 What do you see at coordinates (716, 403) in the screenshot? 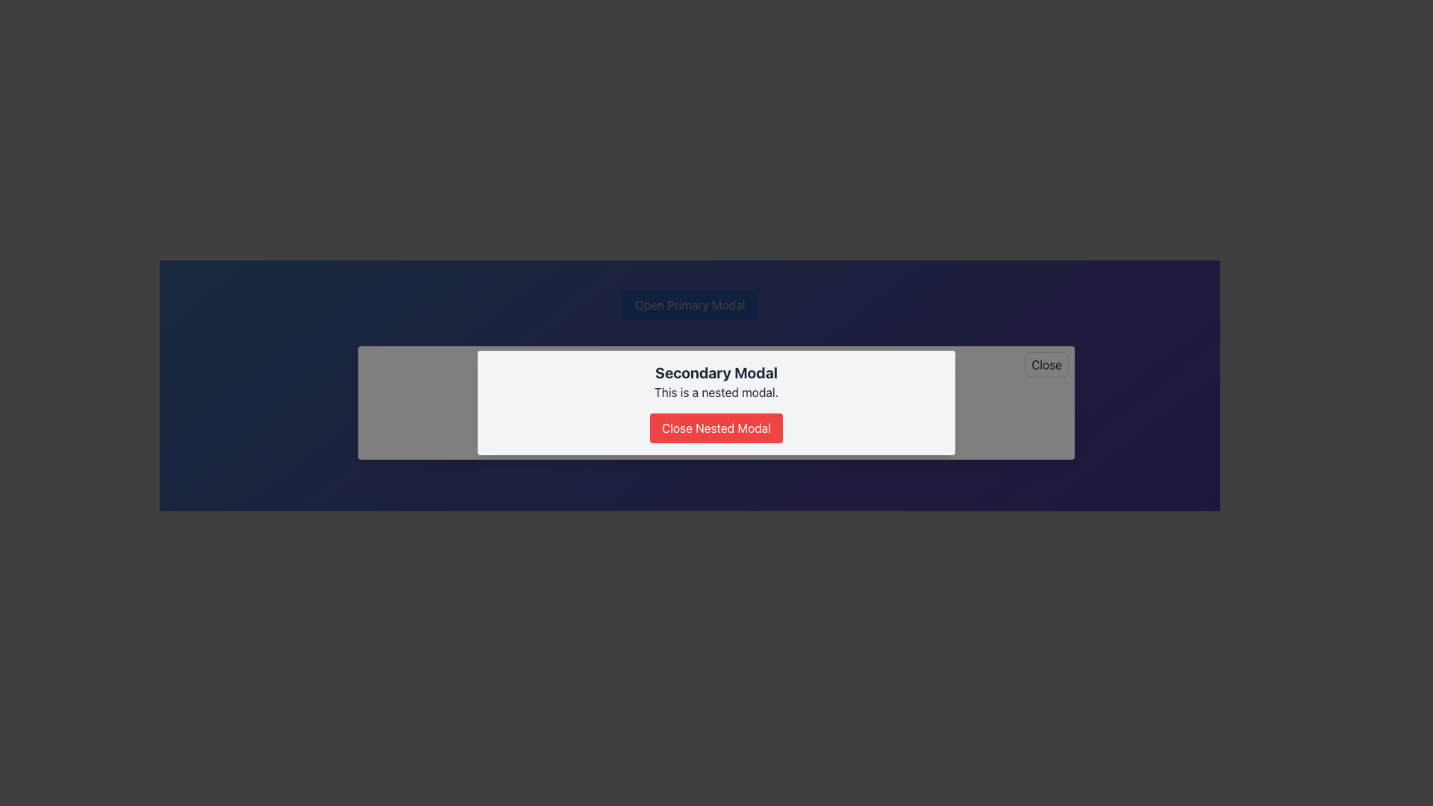
I see `descriptive text 'This is a nested modal.' from the Secondary Modal dialog, which has a white background and a red button labeled 'Close Nested Modal'` at bounding box center [716, 403].